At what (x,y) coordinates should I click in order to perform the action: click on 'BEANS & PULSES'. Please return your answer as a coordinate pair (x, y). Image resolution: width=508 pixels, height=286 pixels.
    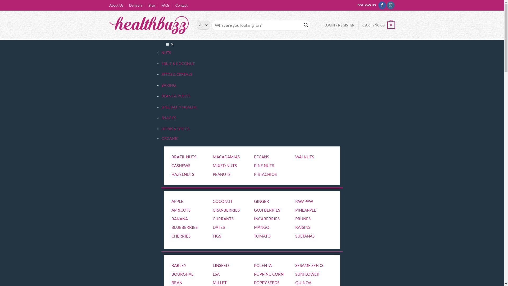
    Looking at the image, I should click on (176, 96).